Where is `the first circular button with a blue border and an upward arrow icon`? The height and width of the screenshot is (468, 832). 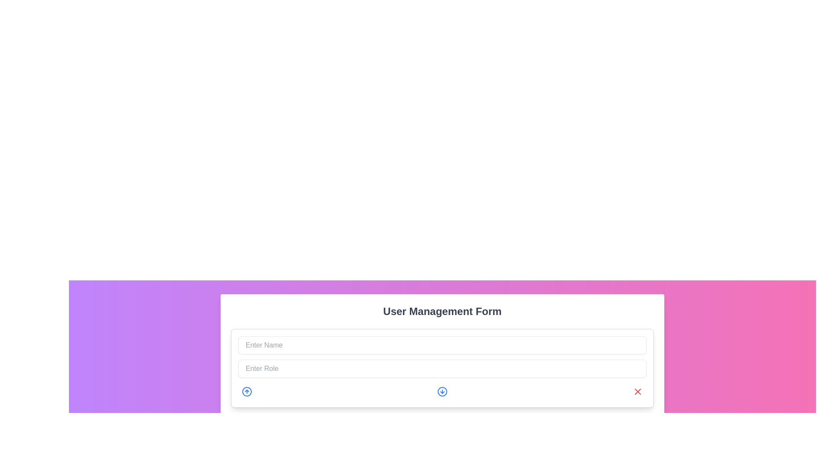
the first circular button with a blue border and an upward arrow icon is located at coordinates (247, 391).